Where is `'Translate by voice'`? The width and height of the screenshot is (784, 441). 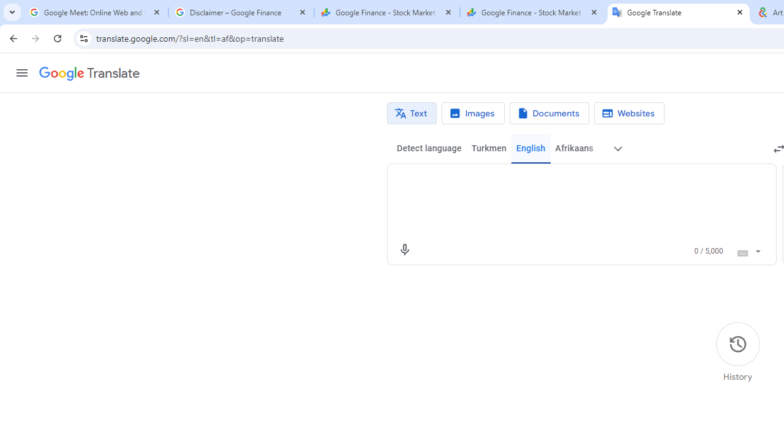 'Translate by voice' is located at coordinates (404, 249).